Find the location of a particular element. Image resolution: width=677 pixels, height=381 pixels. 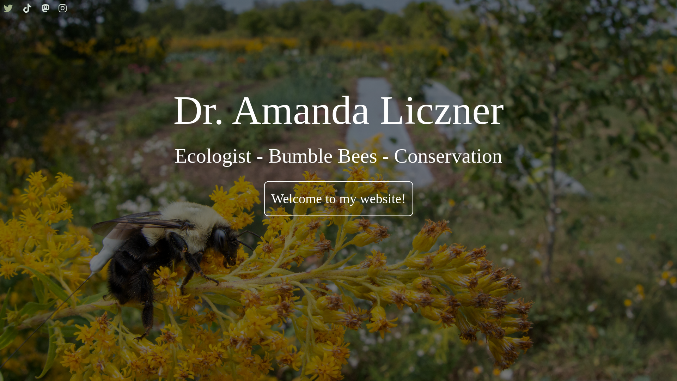

'Welcome to my website!' is located at coordinates (338, 199).